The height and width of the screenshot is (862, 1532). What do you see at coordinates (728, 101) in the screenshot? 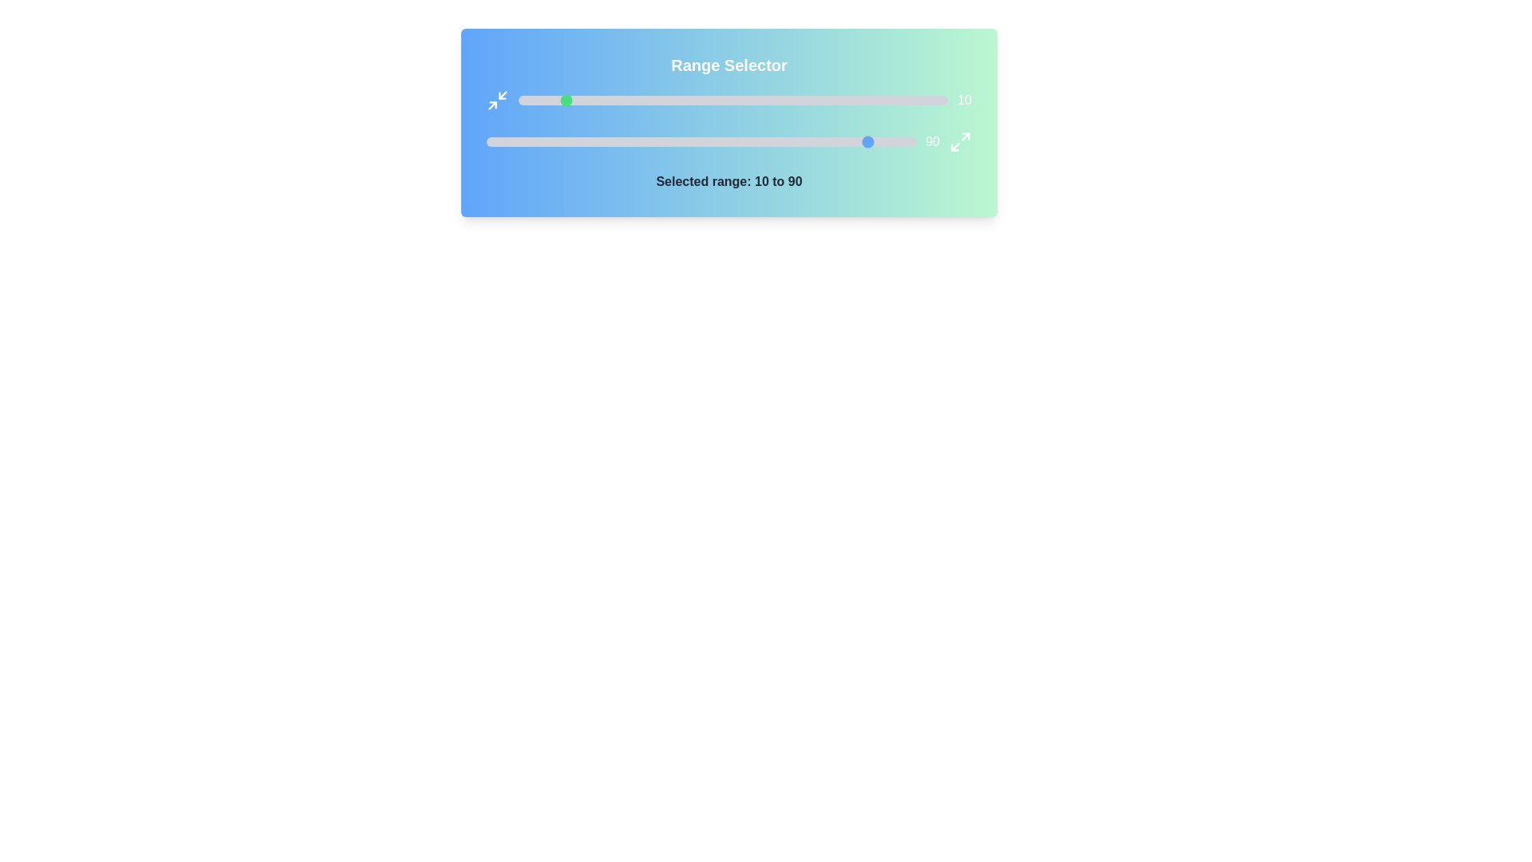
I see `the numeric value '10' label located to the far right of the top range slider in the 'Range Selector' section` at bounding box center [728, 101].